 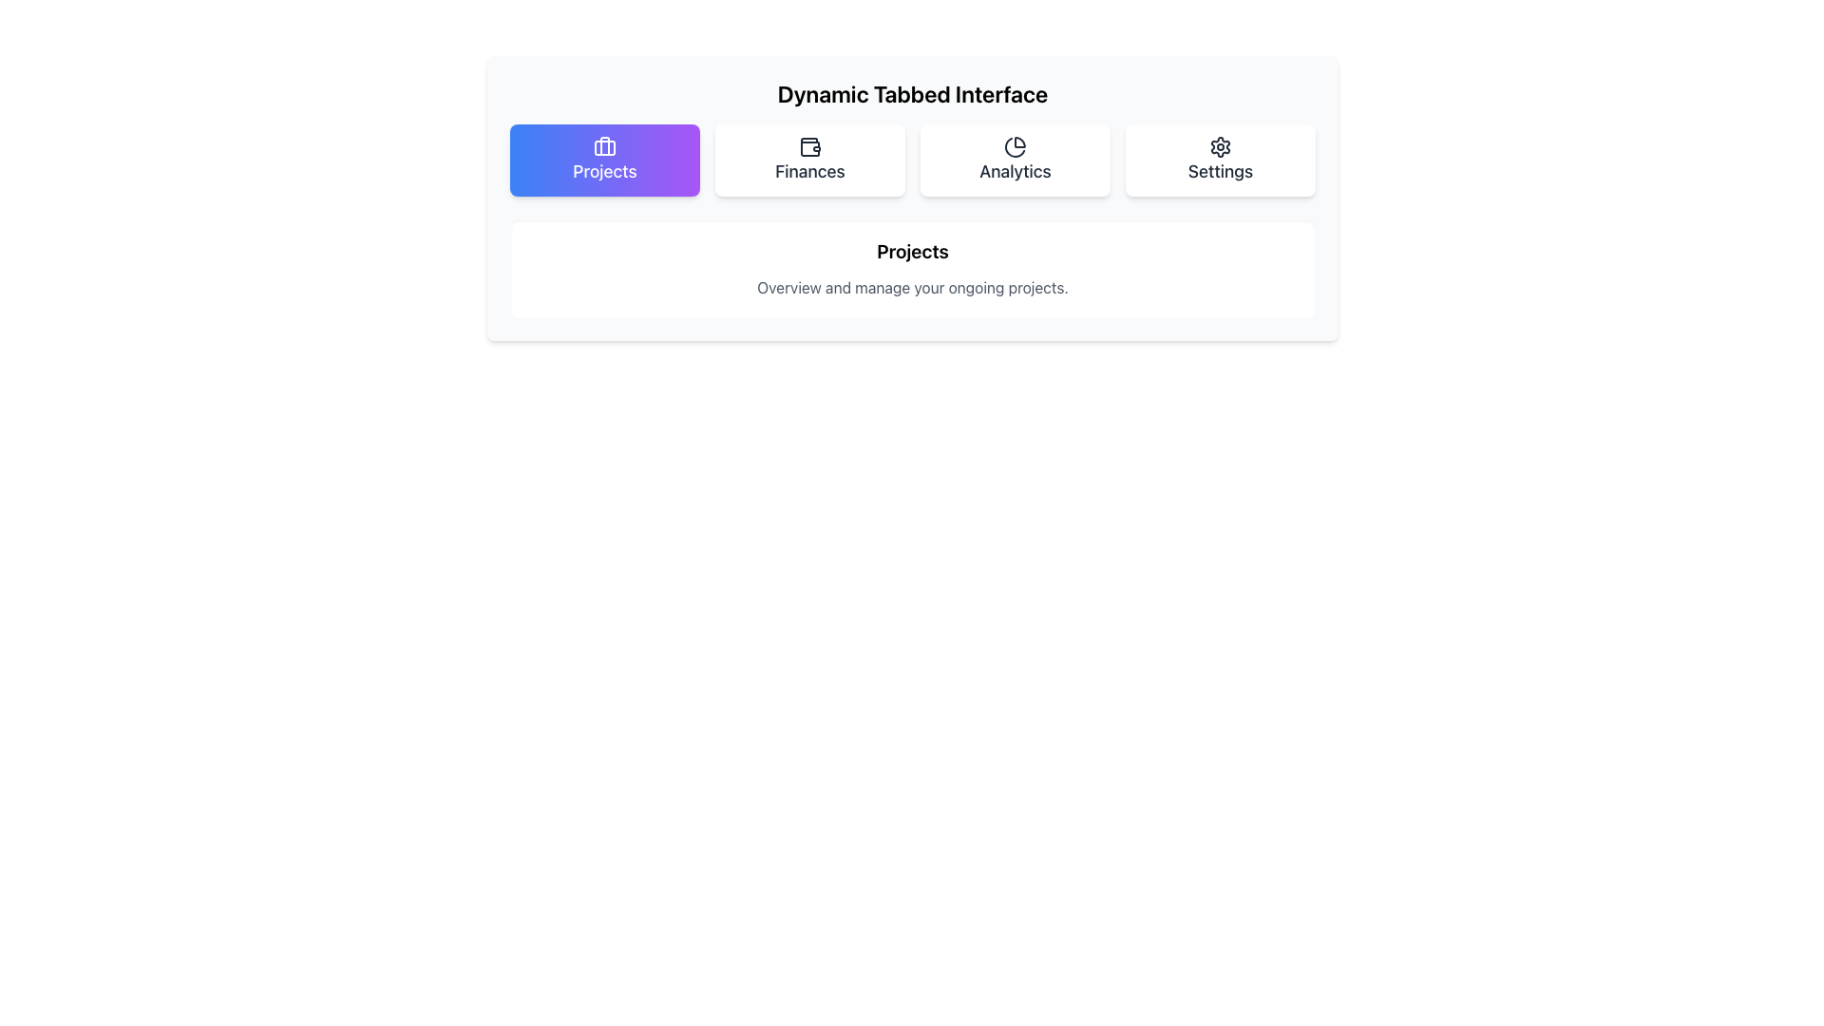 I want to click on text label positioned as the fourth item in the navigation row, located to the far right and below the gear icon, so click(x=1221, y=172).